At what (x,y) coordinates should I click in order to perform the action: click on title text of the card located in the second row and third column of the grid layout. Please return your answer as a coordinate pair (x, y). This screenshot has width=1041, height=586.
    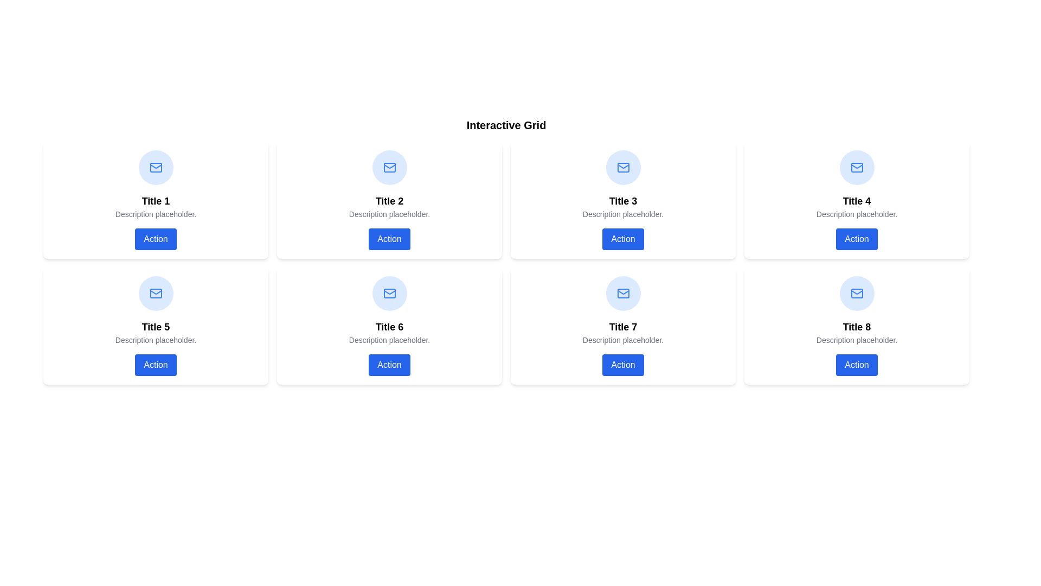
    Looking at the image, I should click on (623, 326).